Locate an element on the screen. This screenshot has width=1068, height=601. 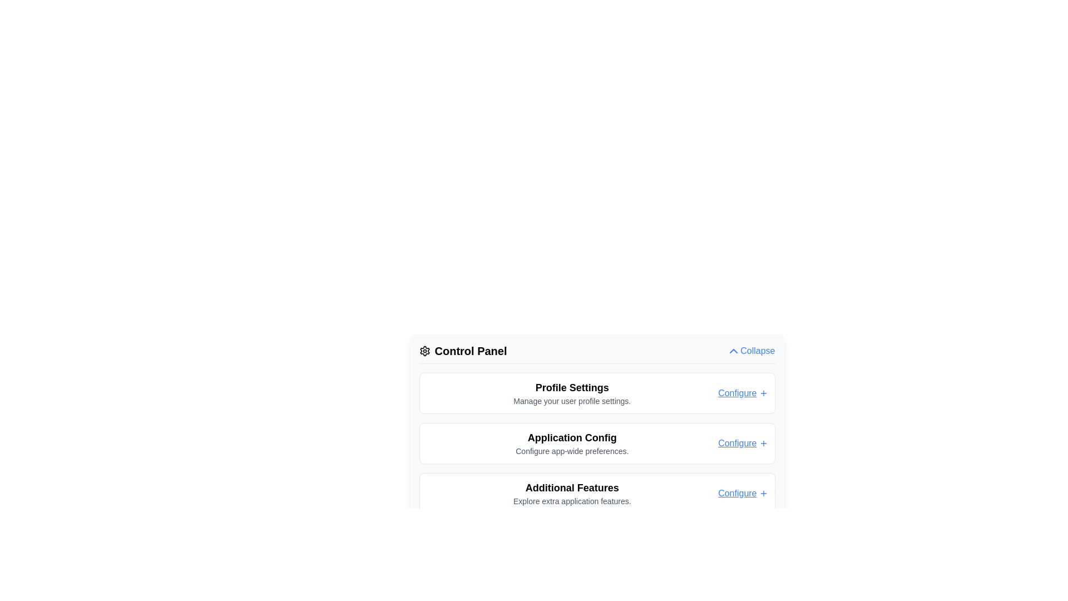
the descriptive text label explaining the purpose of the 'Application Config' section, which is located under the header 'Application Config' as the second line of text is located at coordinates (572, 451).